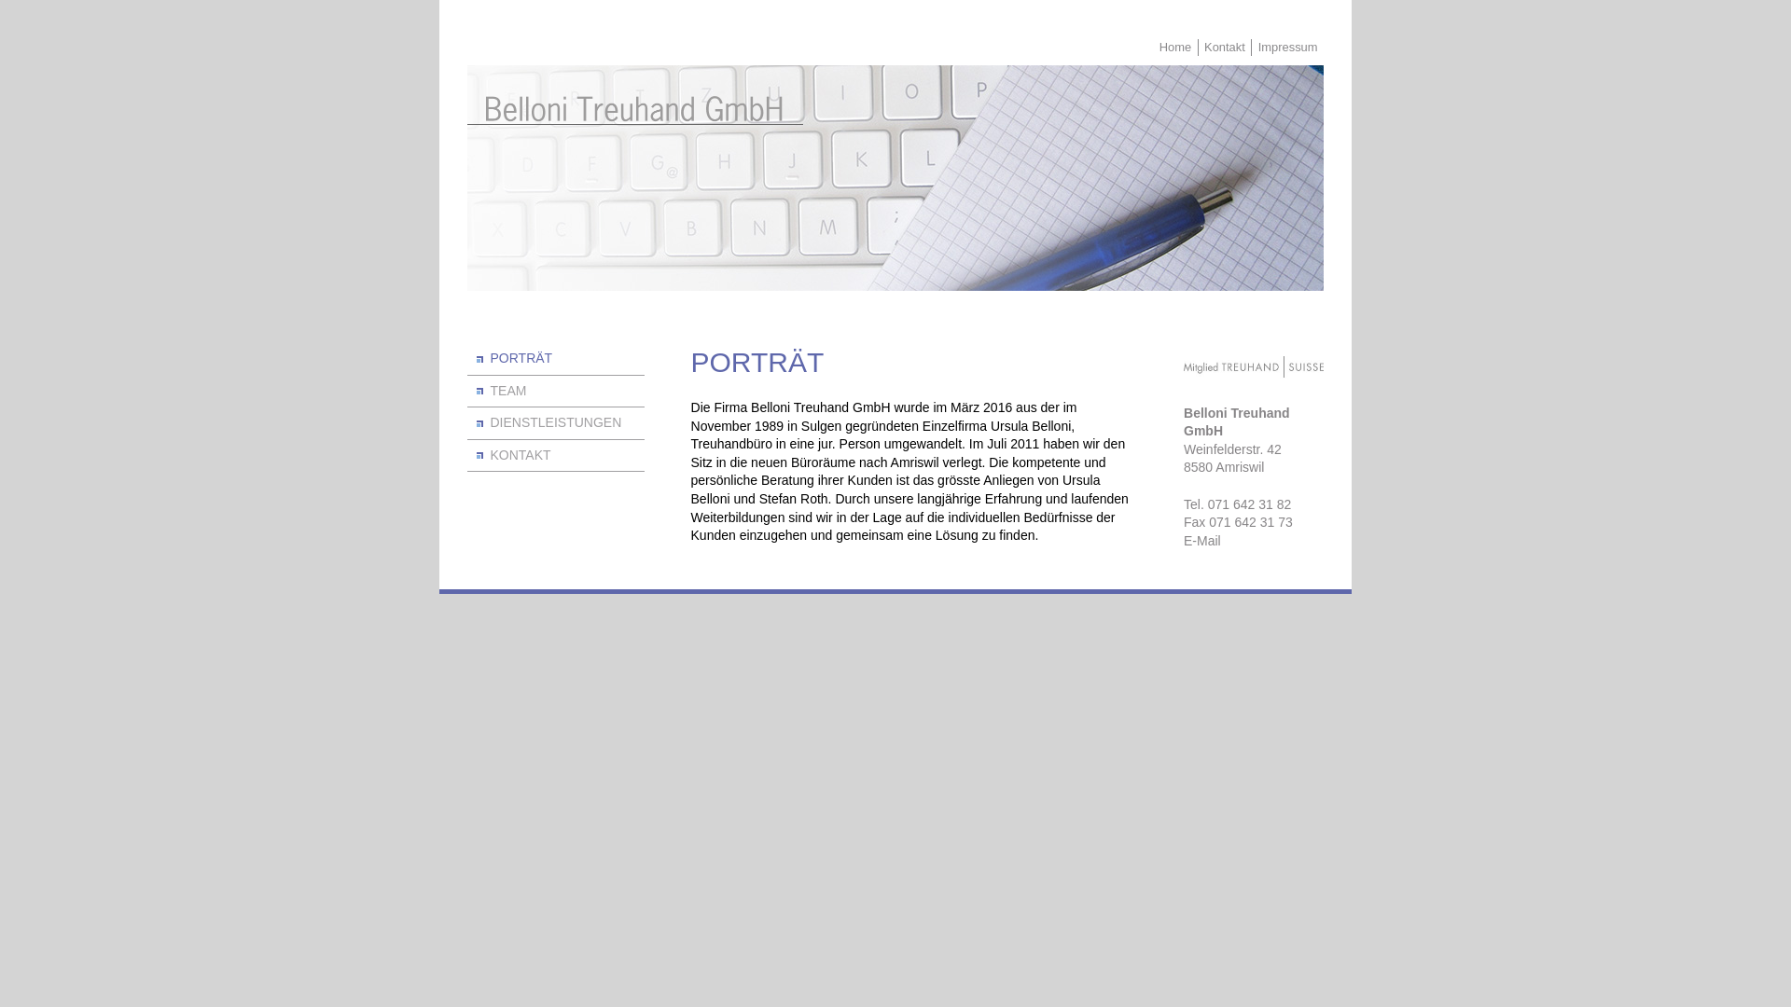  What do you see at coordinates (1199, 46) in the screenshot?
I see `'Kontakt'` at bounding box center [1199, 46].